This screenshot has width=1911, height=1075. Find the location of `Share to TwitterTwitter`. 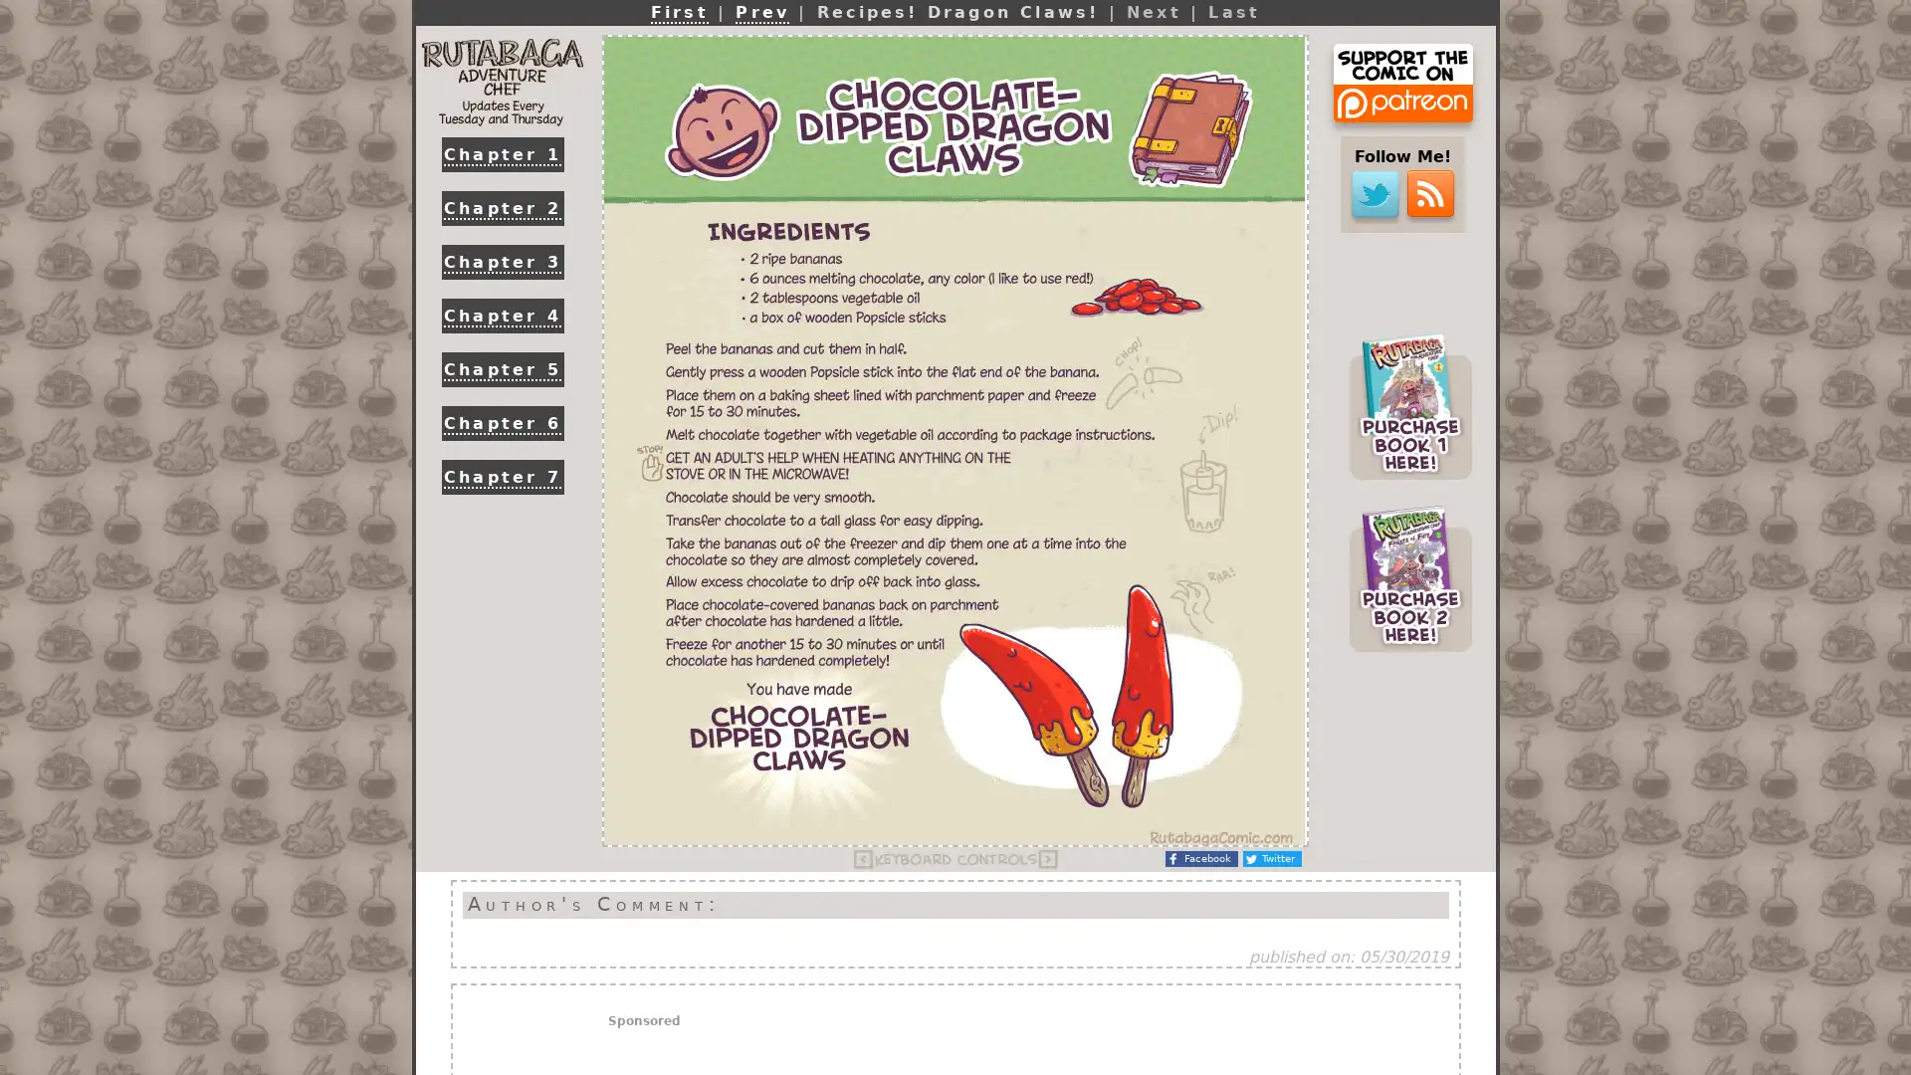

Share to TwitterTwitter is located at coordinates (1271, 858).